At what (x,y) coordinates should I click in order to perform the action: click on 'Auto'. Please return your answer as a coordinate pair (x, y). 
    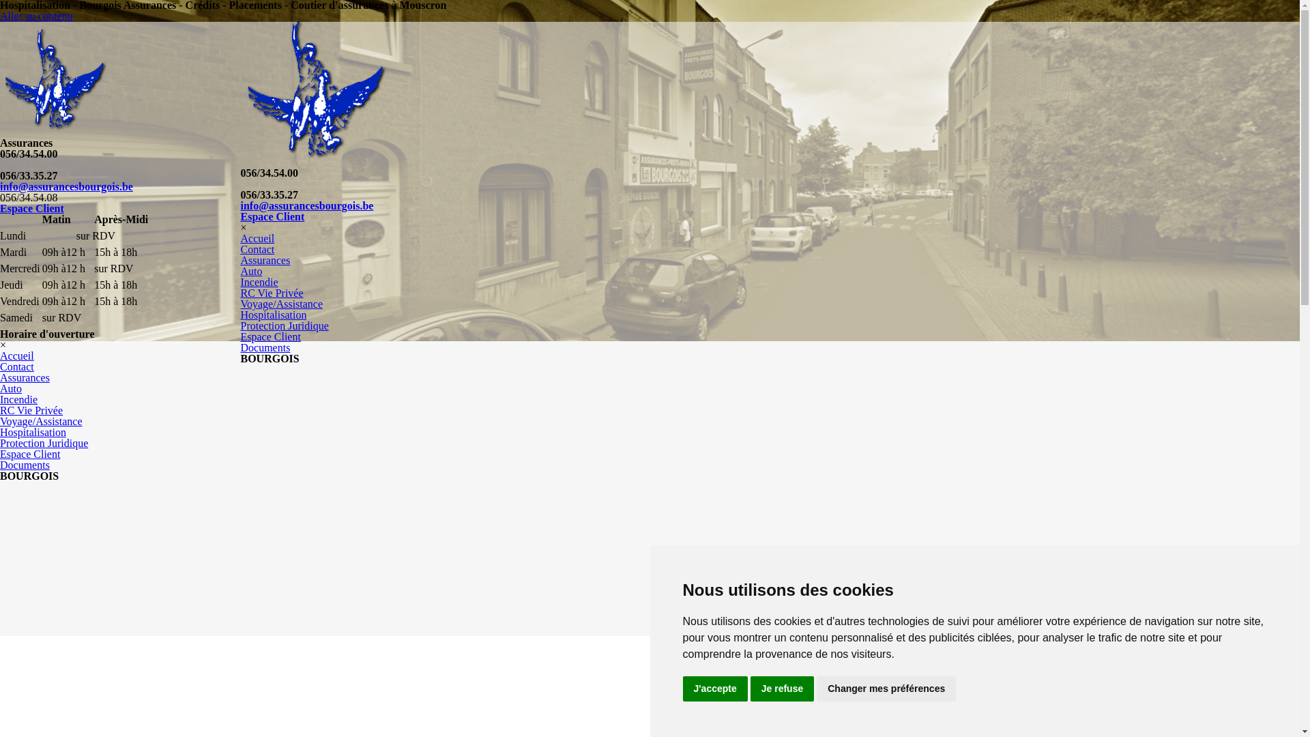
    Looking at the image, I should click on (10, 388).